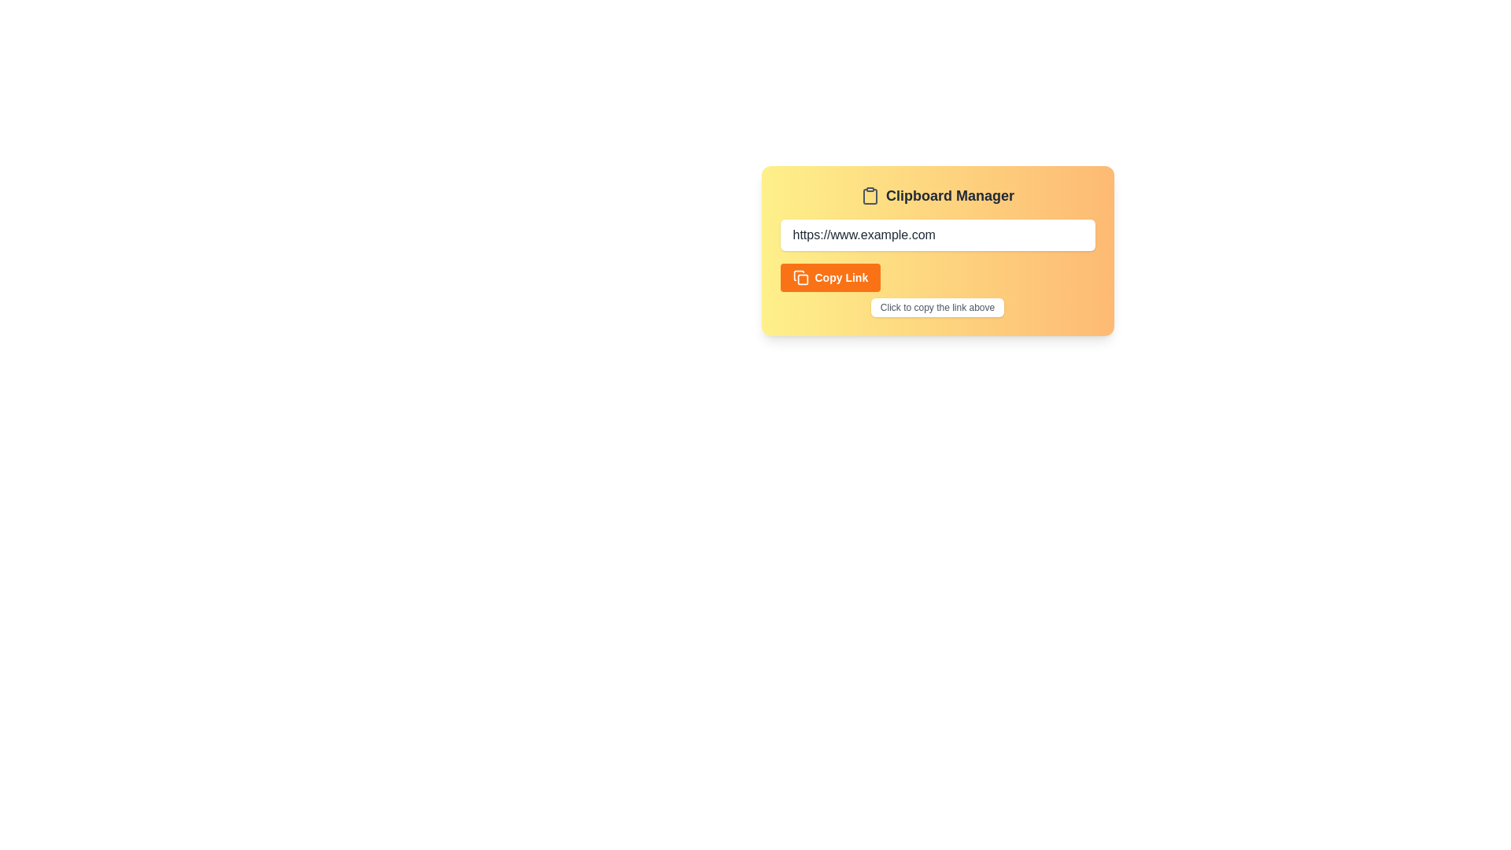 This screenshot has width=1511, height=850. What do you see at coordinates (937, 307) in the screenshot?
I see `the informative text element located below the 'Copy Link' button` at bounding box center [937, 307].